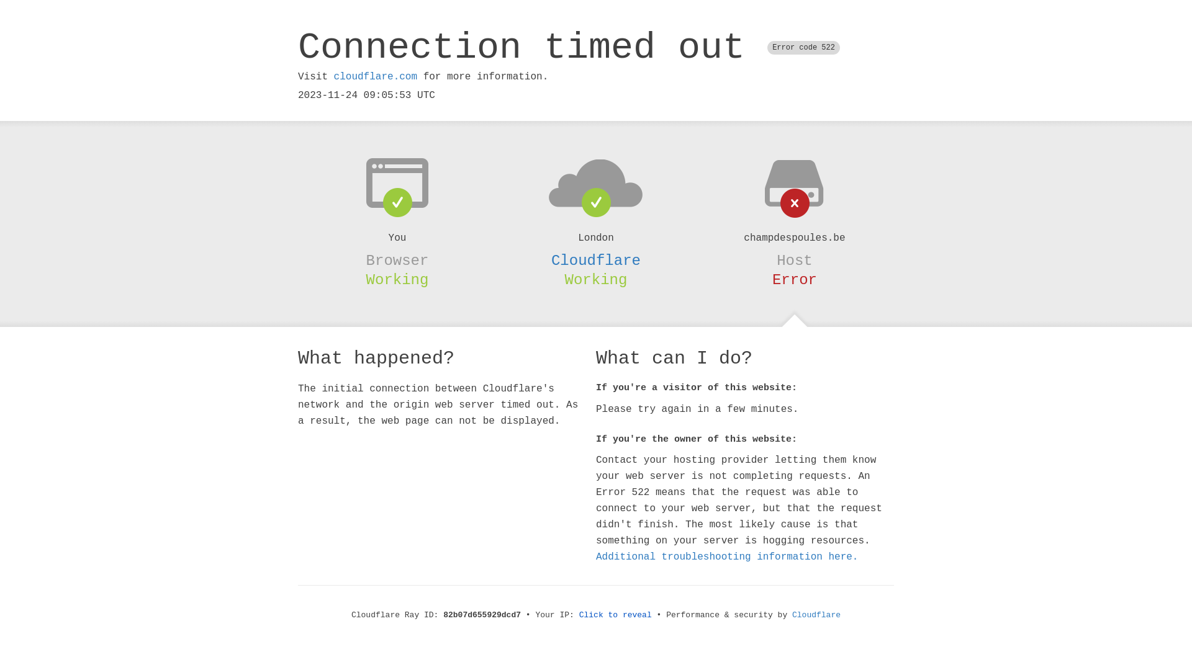 The height and width of the screenshot is (670, 1192). What do you see at coordinates (727, 556) in the screenshot?
I see `'Additional troubleshooting information here.'` at bounding box center [727, 556].